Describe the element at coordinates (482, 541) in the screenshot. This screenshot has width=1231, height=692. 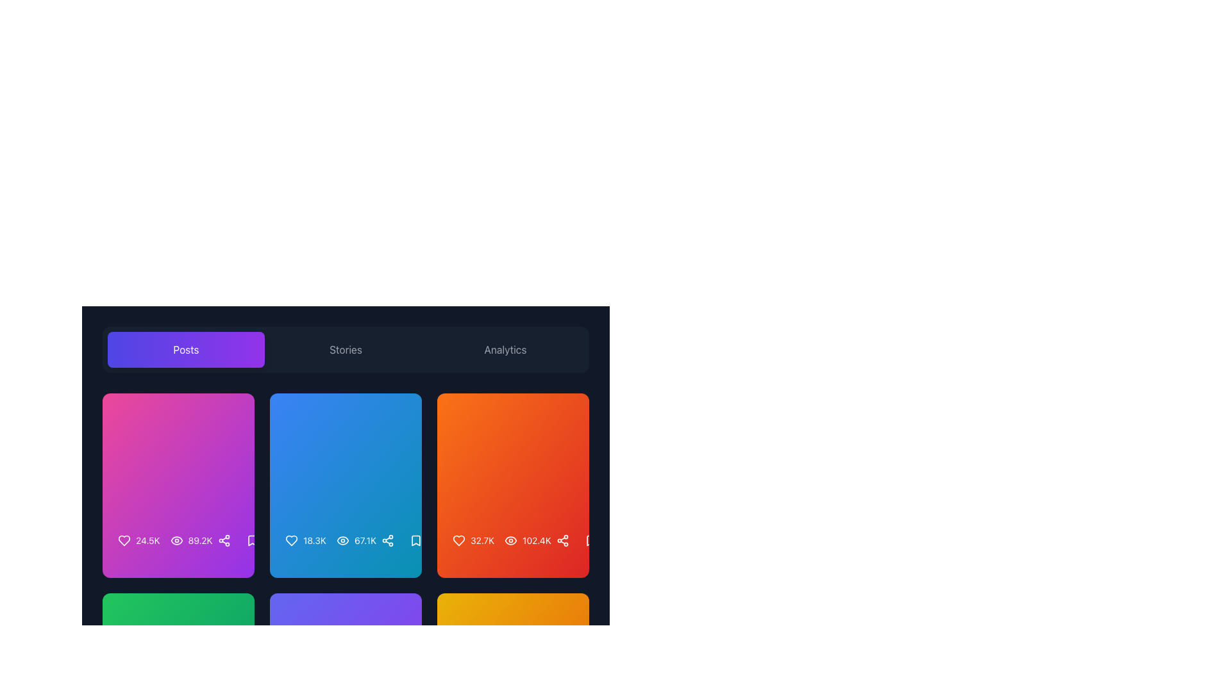
I see `the displayed count value on the text label located at the rightmost position within the footer area of the orange card, which is the third in a horizontal list of cards` at that location.